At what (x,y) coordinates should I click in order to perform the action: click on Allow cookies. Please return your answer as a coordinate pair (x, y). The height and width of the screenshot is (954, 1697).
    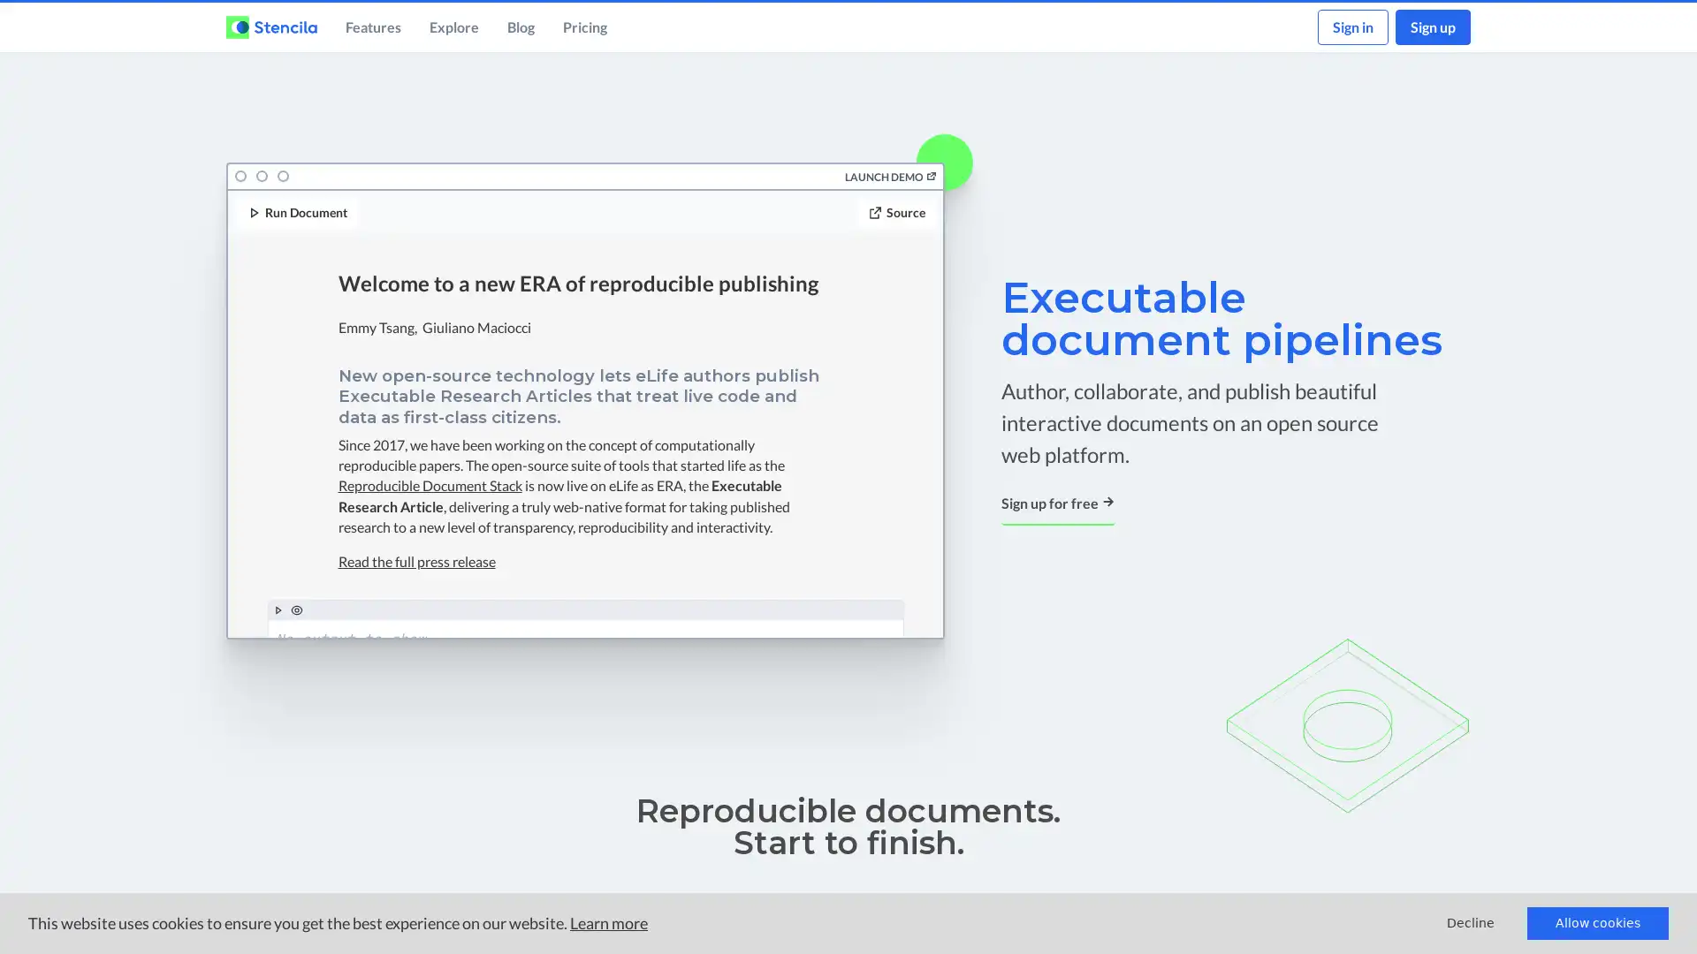
    Looking at the image, I should click on (1598, 922).